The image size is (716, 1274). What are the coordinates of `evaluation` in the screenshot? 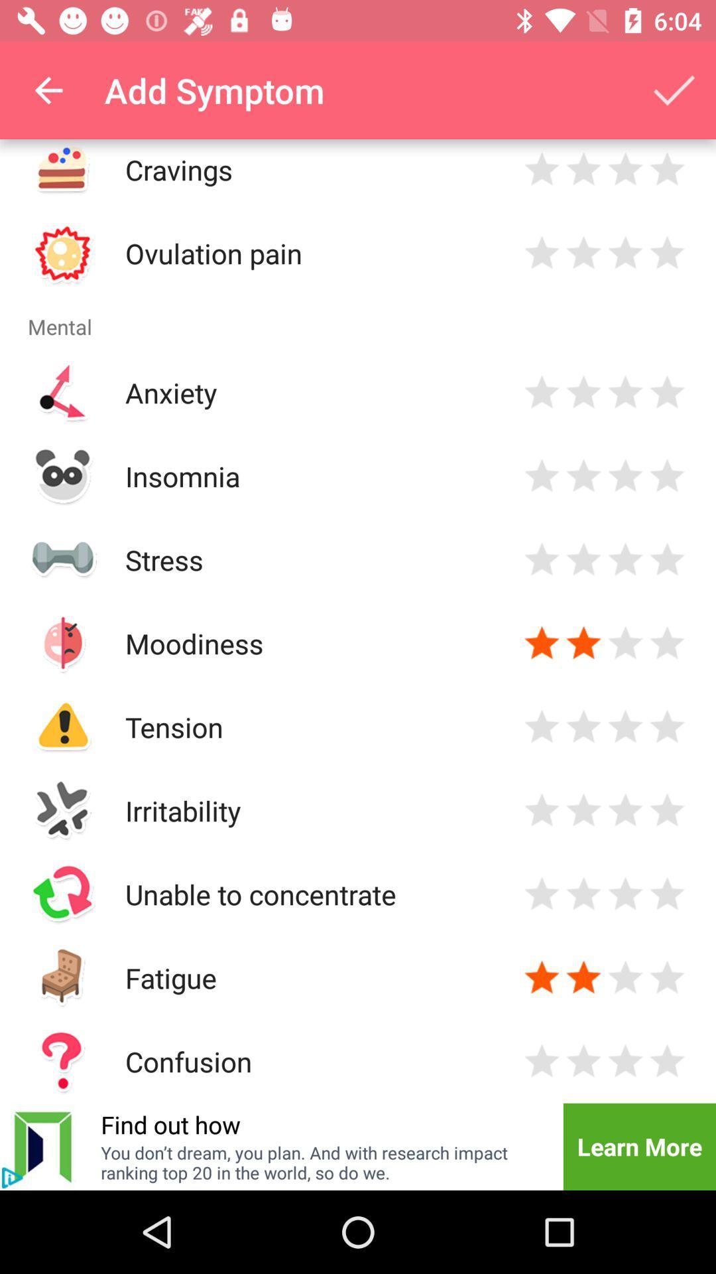 It's located at (667, 977).